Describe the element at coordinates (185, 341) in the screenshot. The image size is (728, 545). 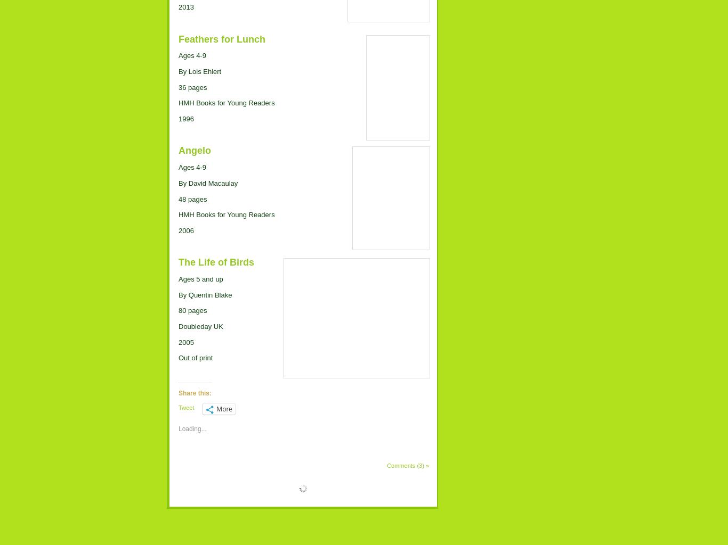
I see `'2005'` at that location.